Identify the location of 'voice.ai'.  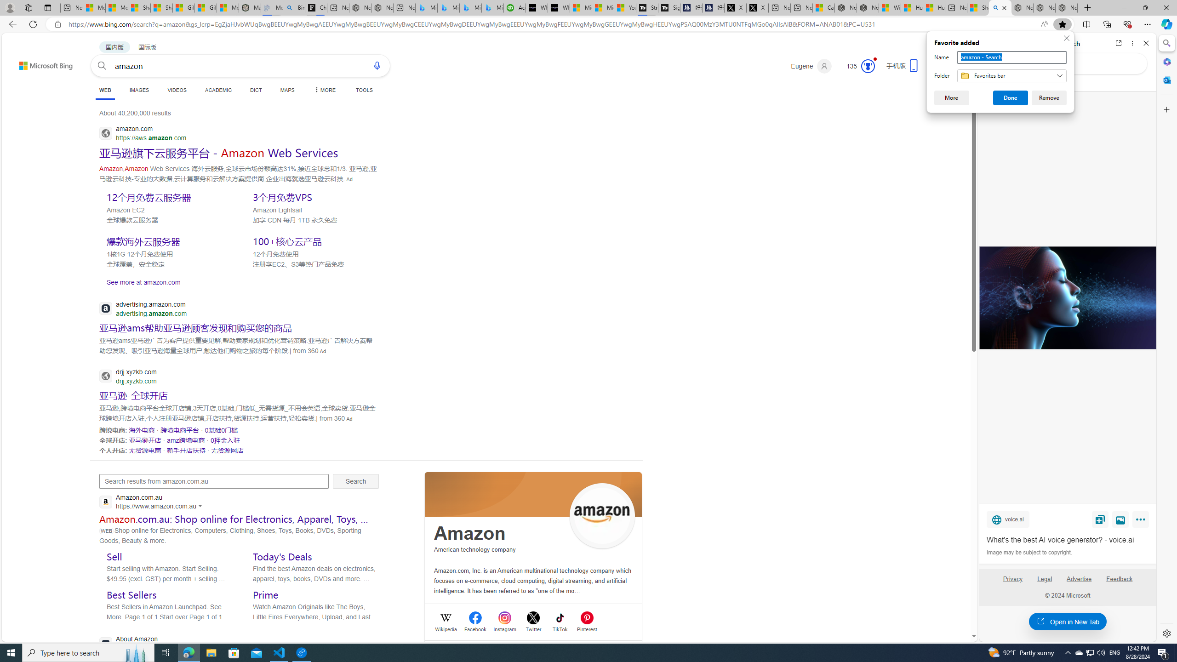
(1008, 519).